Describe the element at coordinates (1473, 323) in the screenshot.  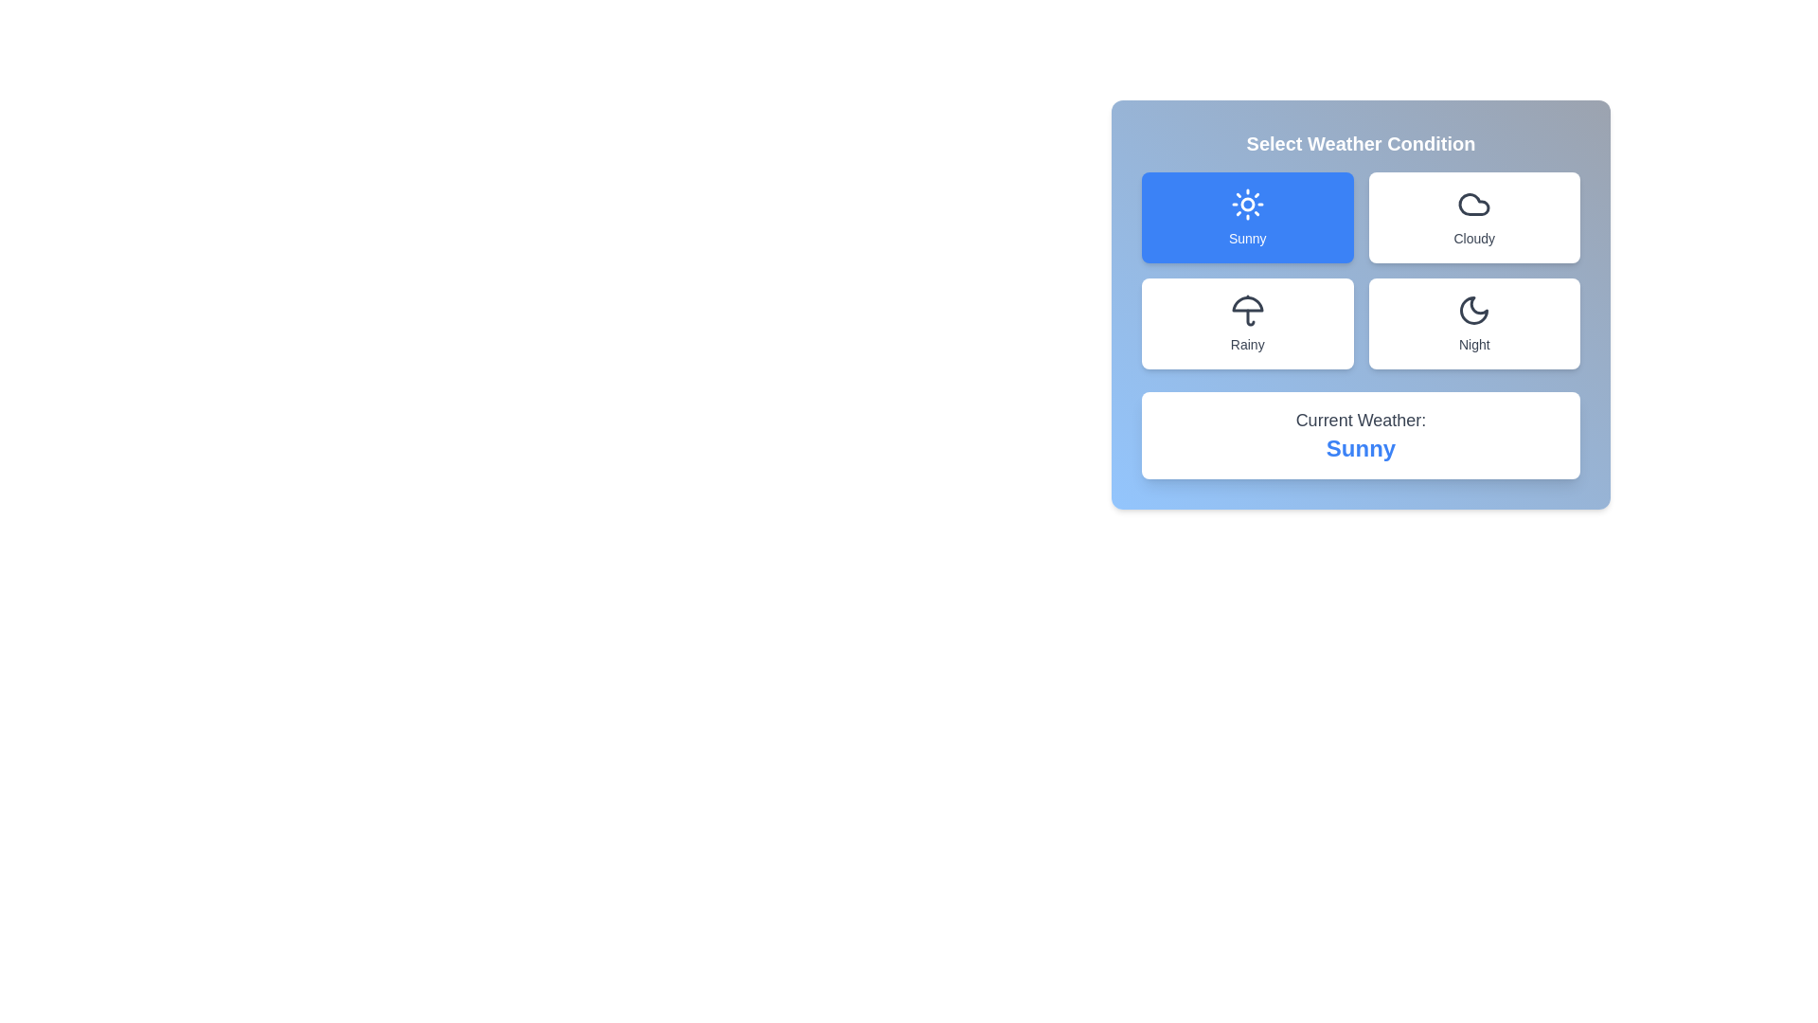
I see `the weather condition Night by clicking the corresponding button` at that location.